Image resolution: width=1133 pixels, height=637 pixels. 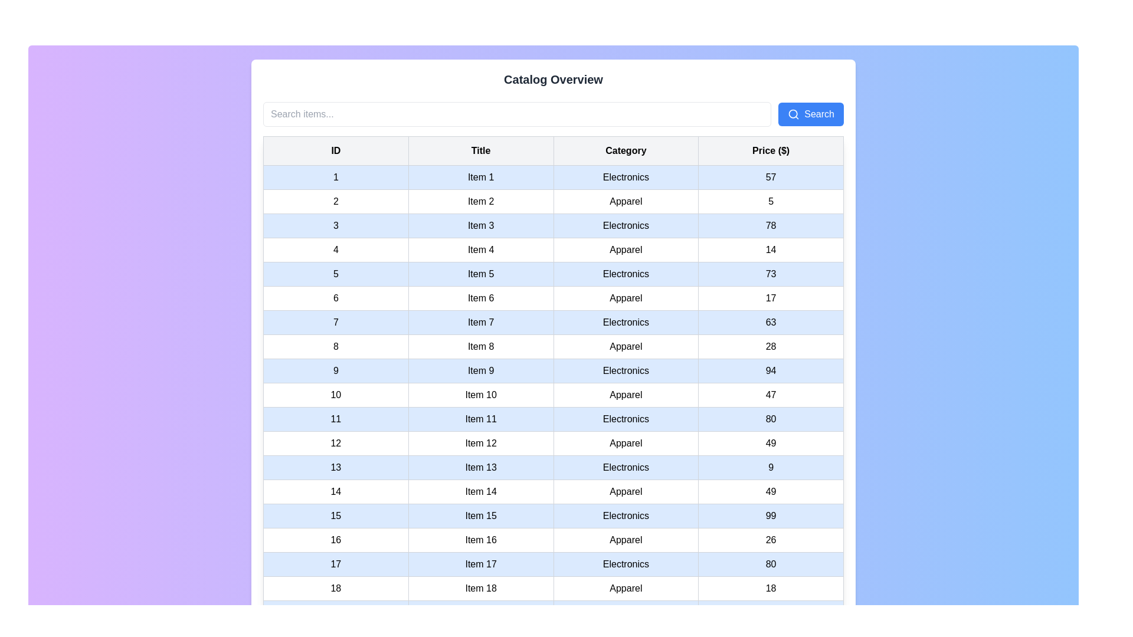 I want to click on the light blue row, so click(x=552, y=418).